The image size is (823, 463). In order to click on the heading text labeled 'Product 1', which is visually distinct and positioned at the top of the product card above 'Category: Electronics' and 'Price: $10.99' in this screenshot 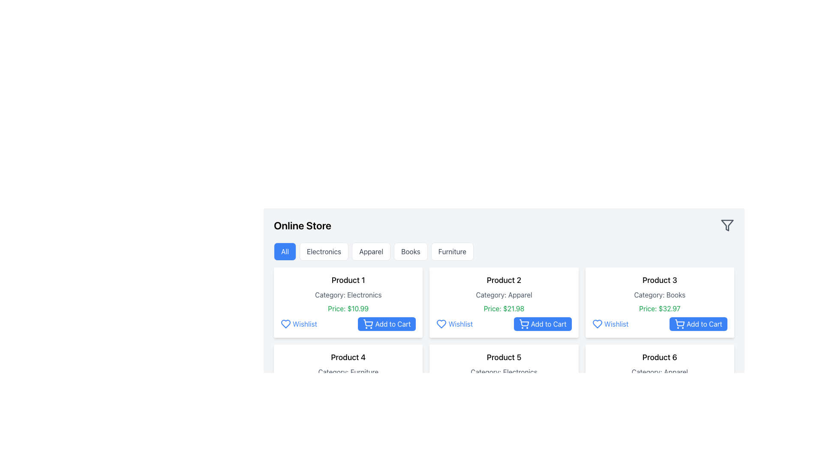, I will do `click(348, 280)`.